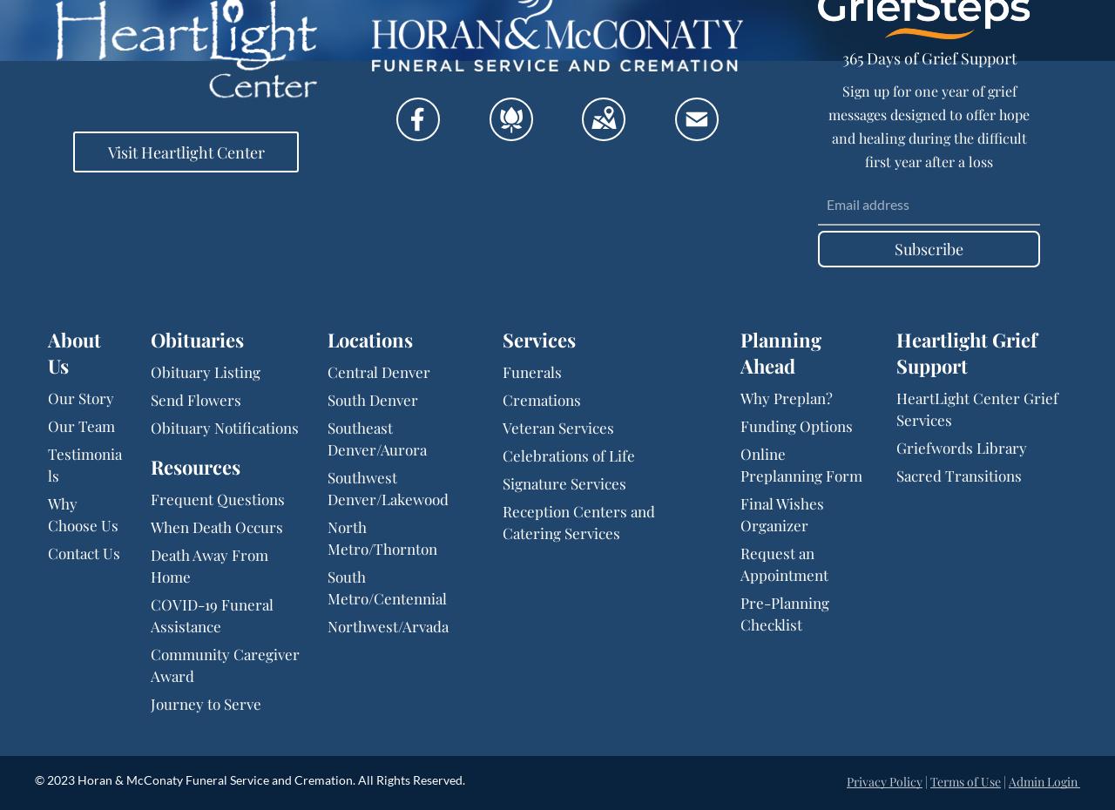  What do you see at coordinates (1042, 781) in the screenshot?
I see `'Admin Login'` at bounding box center [1042, 781].